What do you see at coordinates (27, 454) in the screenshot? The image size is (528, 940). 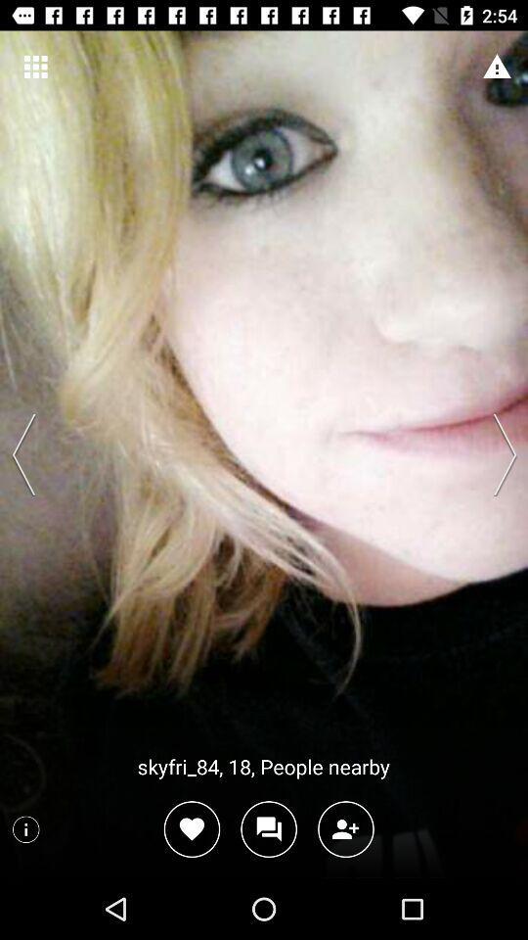 I see `go back` at bounding box center [27, 454].